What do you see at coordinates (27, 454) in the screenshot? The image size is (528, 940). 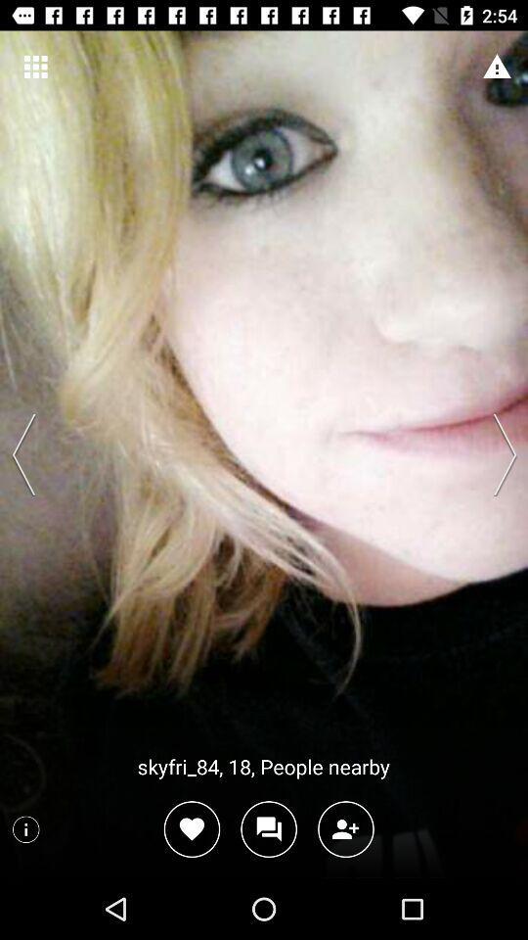 I see `go back` at bounding box center [27, 454].